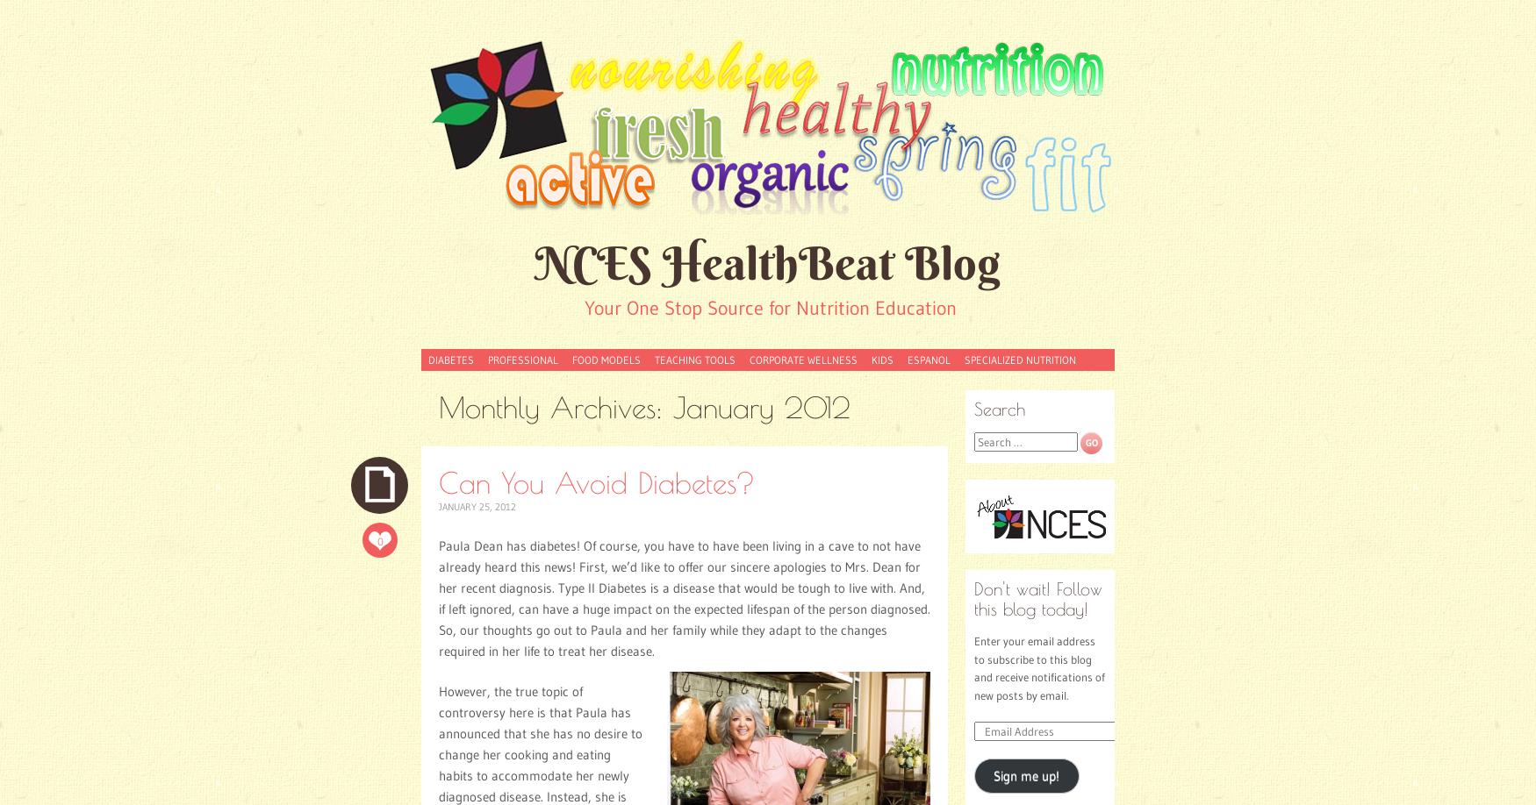 Image resolution: width=1536 pixels, height=805 pixels. Describe the element at coordinates (768, 261) in the screenshot. I see `'NCES HealthBeat Blog'` at that location.